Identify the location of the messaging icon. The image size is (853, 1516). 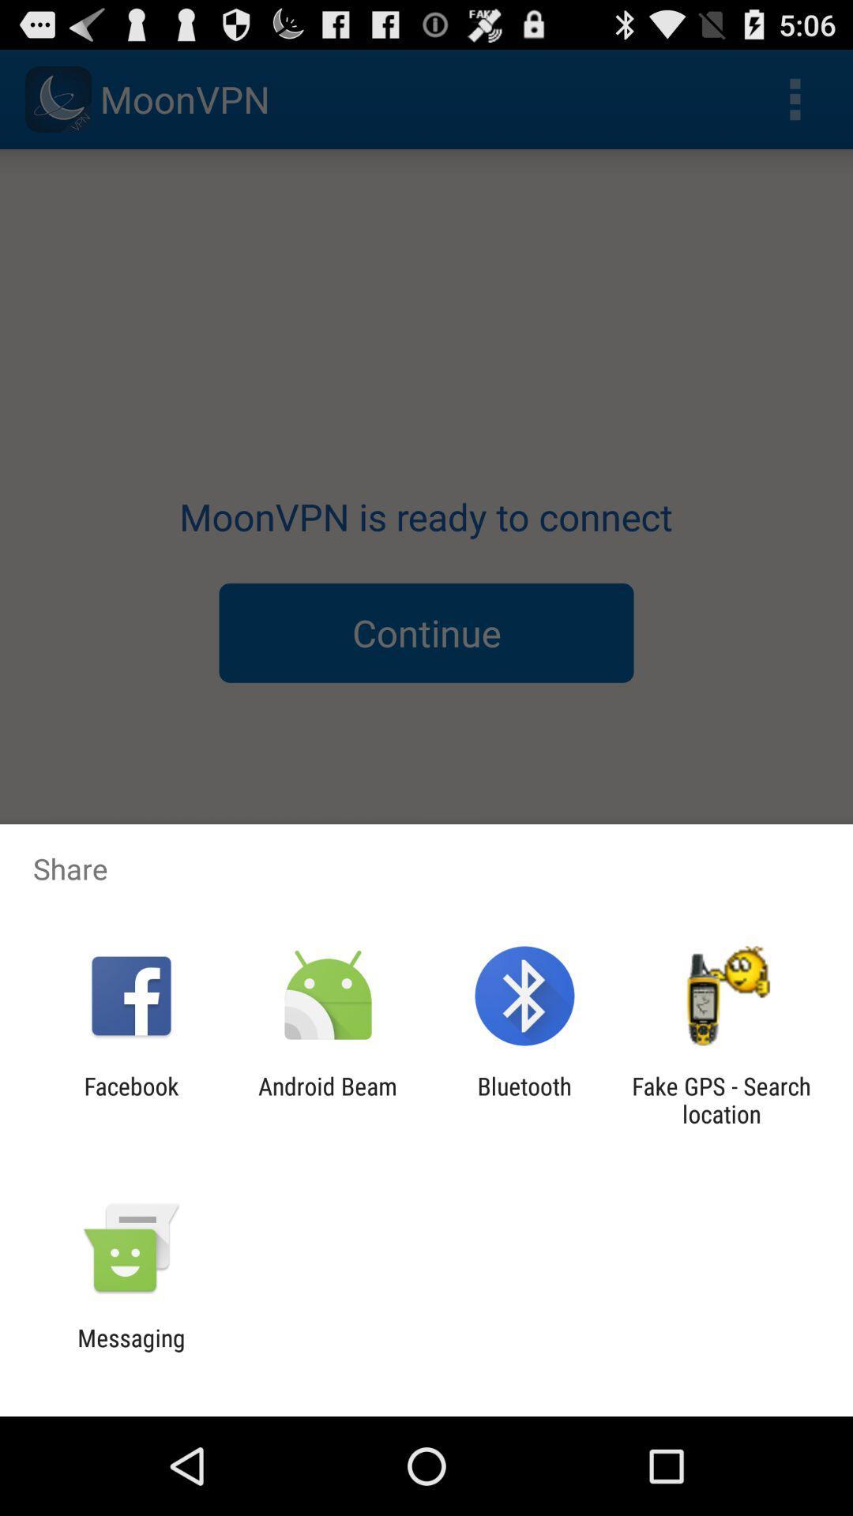
(130, 1351).